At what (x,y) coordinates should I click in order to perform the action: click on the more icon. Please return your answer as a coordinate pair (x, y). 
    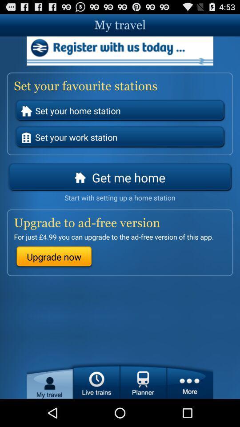
    Looking at the image, I should click on (189, 407).